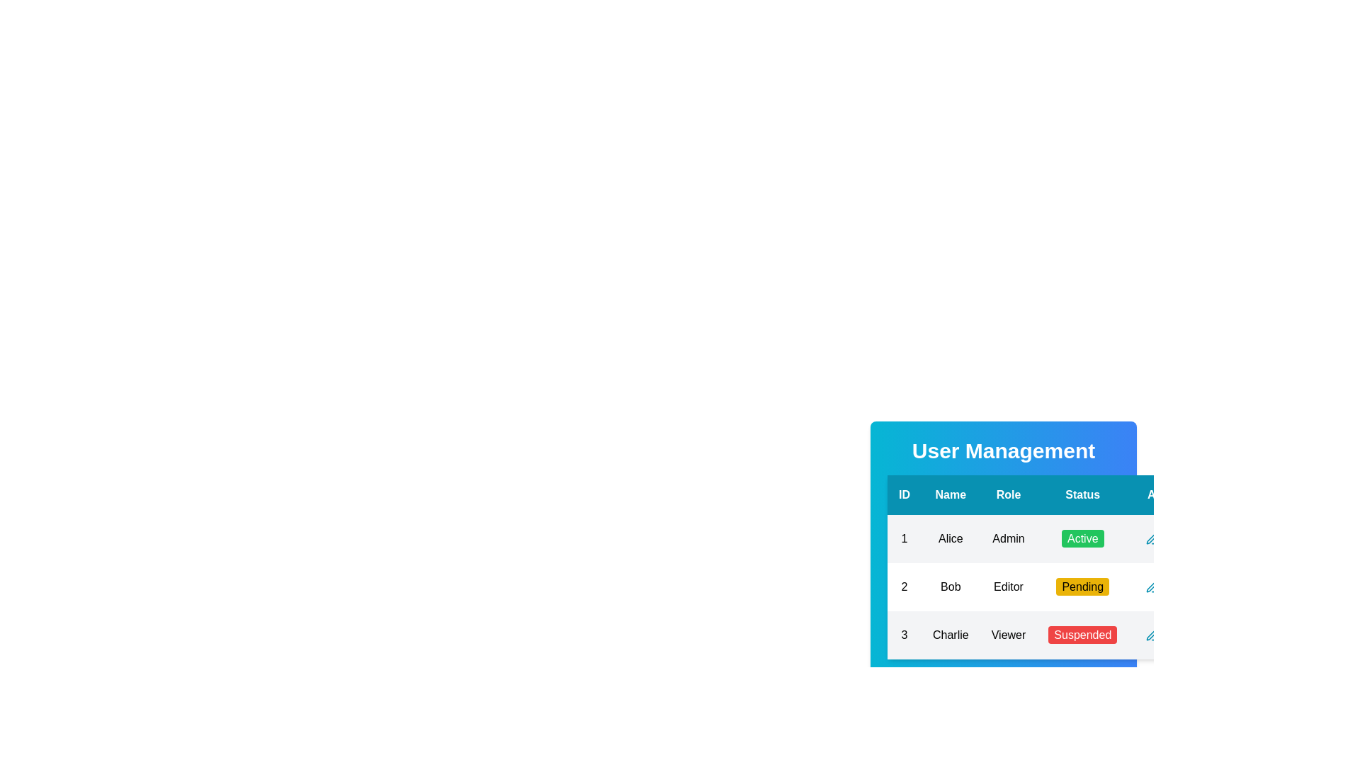 The width and height of the screenshot is (1360, 765). I want to click on the rectangular button with a red background and white text labeled 'Suspended' in the 'Status' column of the third row in the 'User Management' panel, so click(1082, 634).